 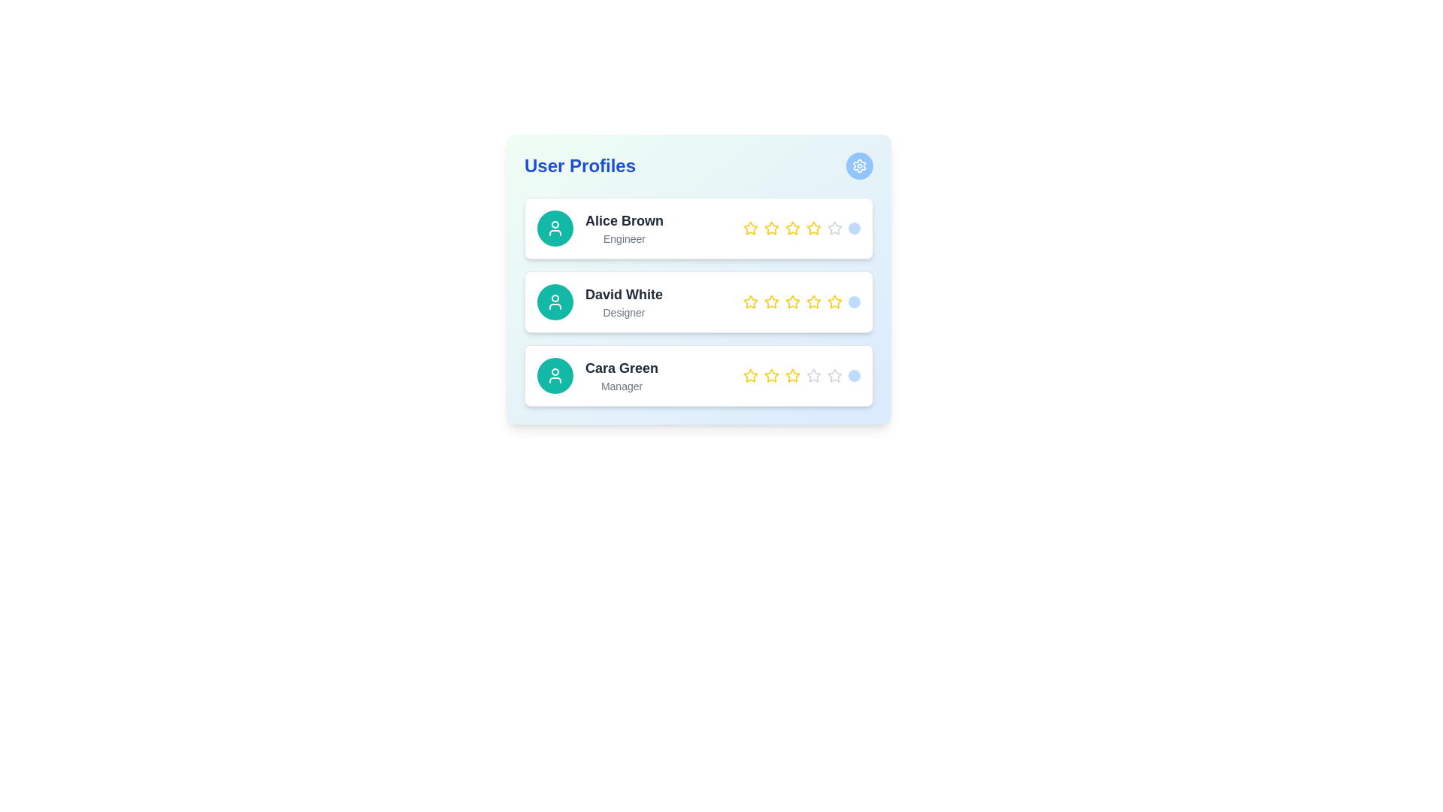 I want to click on the second star icon, so click(x=772, y=375).